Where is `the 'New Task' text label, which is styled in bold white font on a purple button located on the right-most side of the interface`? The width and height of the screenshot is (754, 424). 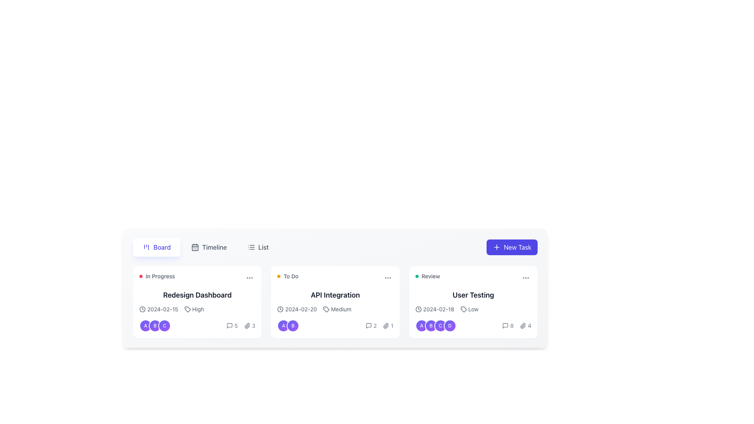
the 'New Task' text label, which is styled in bold white font on a purple button located on the right-most side of the interface is located at coordinates (518, 247).